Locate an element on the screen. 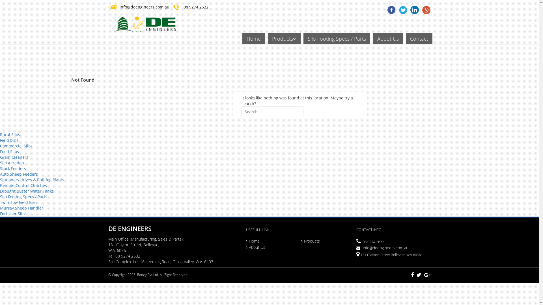  'Field bins' is located at coordinates (9, 140).